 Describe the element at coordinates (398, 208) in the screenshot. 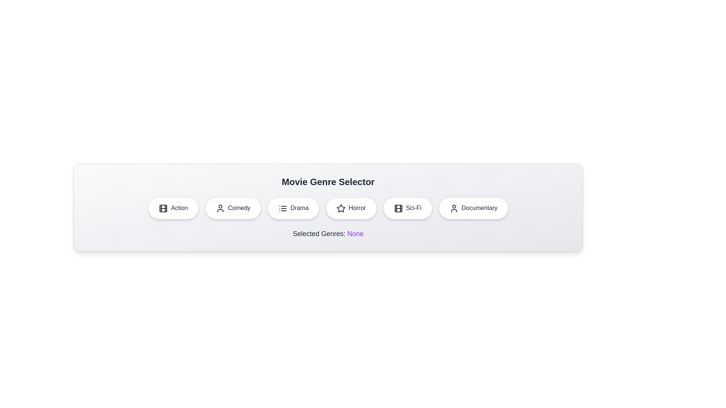

I see `the rounded rectangle icon styled as part of the filmstrip representation, located at the top-left corner of the film genre icon` at that location.